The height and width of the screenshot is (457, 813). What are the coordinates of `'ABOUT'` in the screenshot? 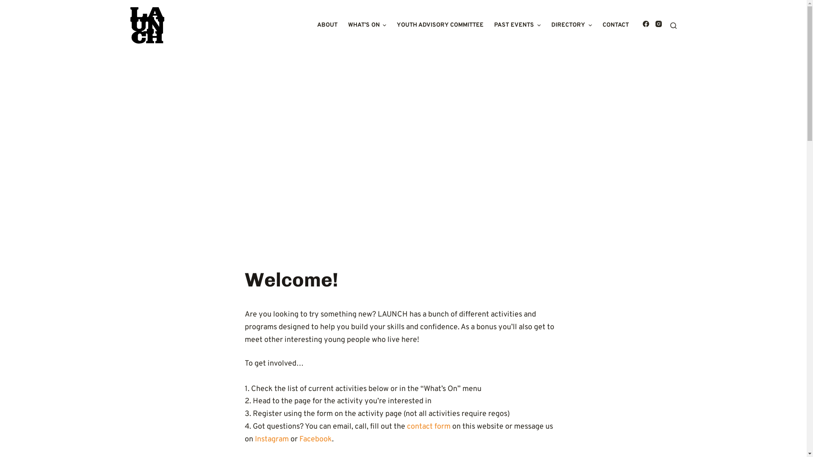 It's located at (326, 25).